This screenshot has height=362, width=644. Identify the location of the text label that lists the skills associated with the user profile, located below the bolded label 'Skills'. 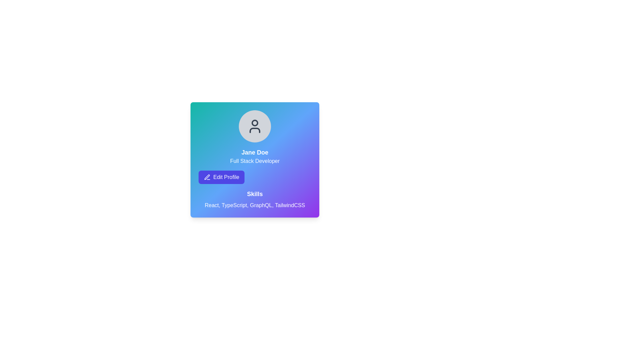
(254, 205).